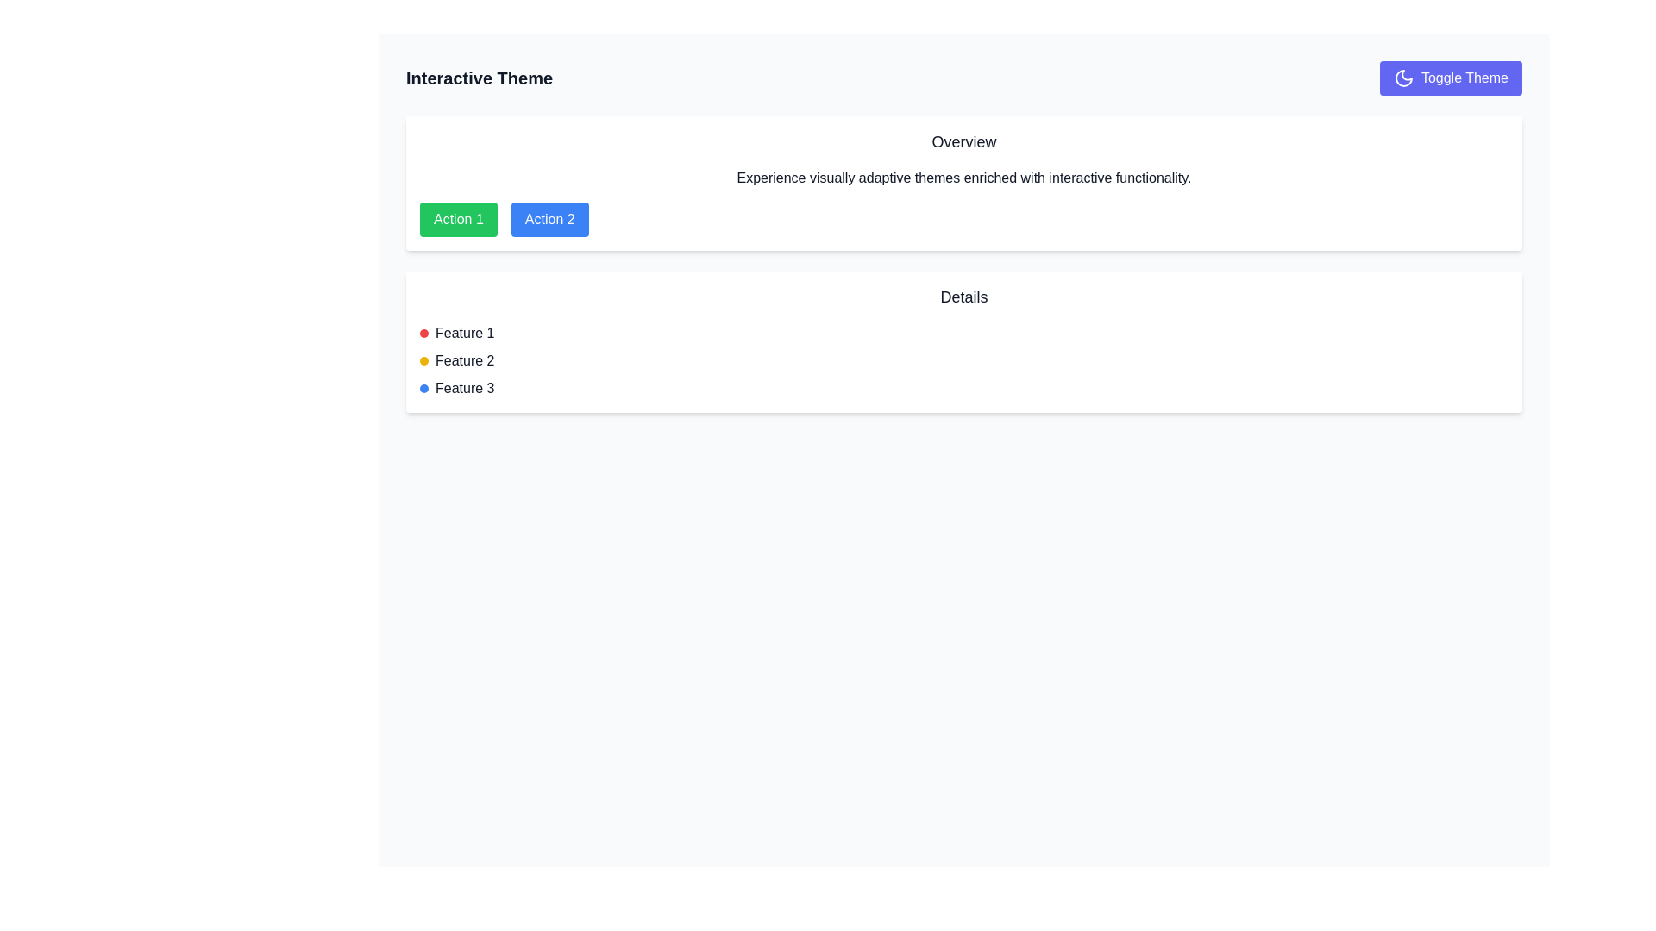 The image size is (1656, 931). What do you see at coordinates (1450, 78) in the screenshot?
I see `the indigo 'Toggle Theme' button with a white moon icon` at bounding box center [1450, 78].